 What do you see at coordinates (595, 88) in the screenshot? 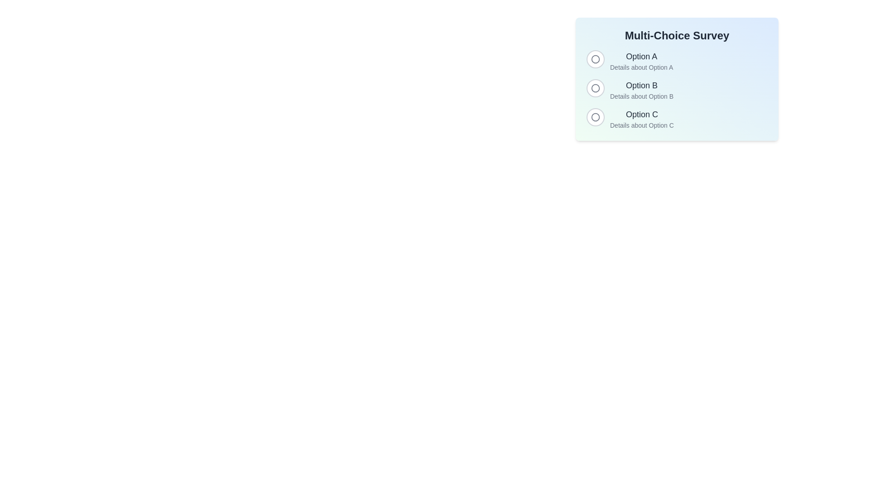
I see `the visual indicator of the radio button corresponding to 'Option B'` at bounding box center [595, 88].